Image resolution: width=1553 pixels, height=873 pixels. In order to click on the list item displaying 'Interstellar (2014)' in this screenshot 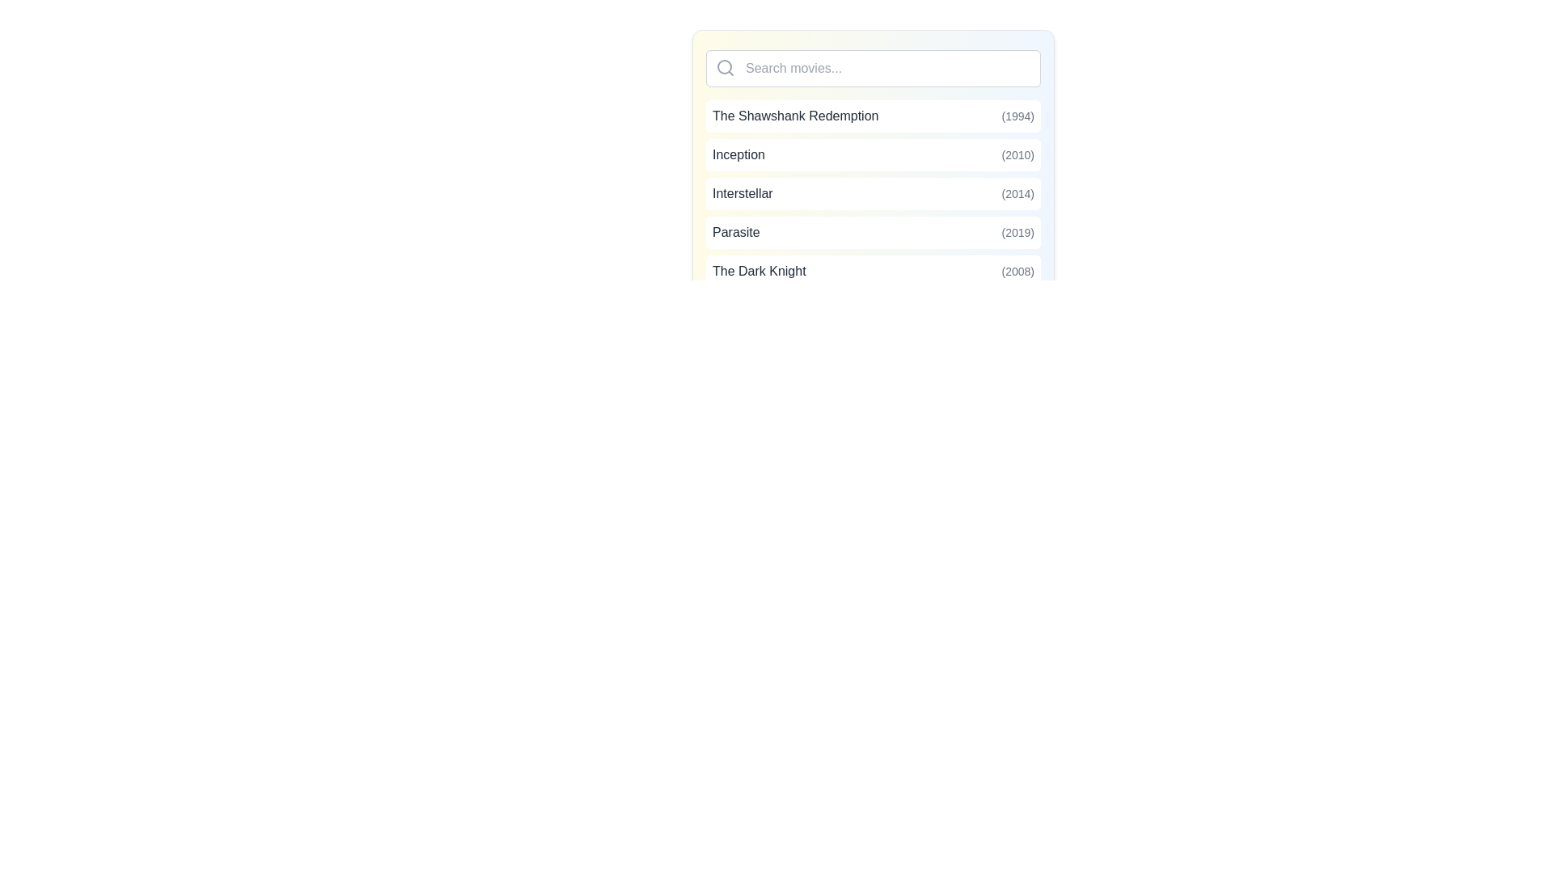, I will do `click(873, 192)`.